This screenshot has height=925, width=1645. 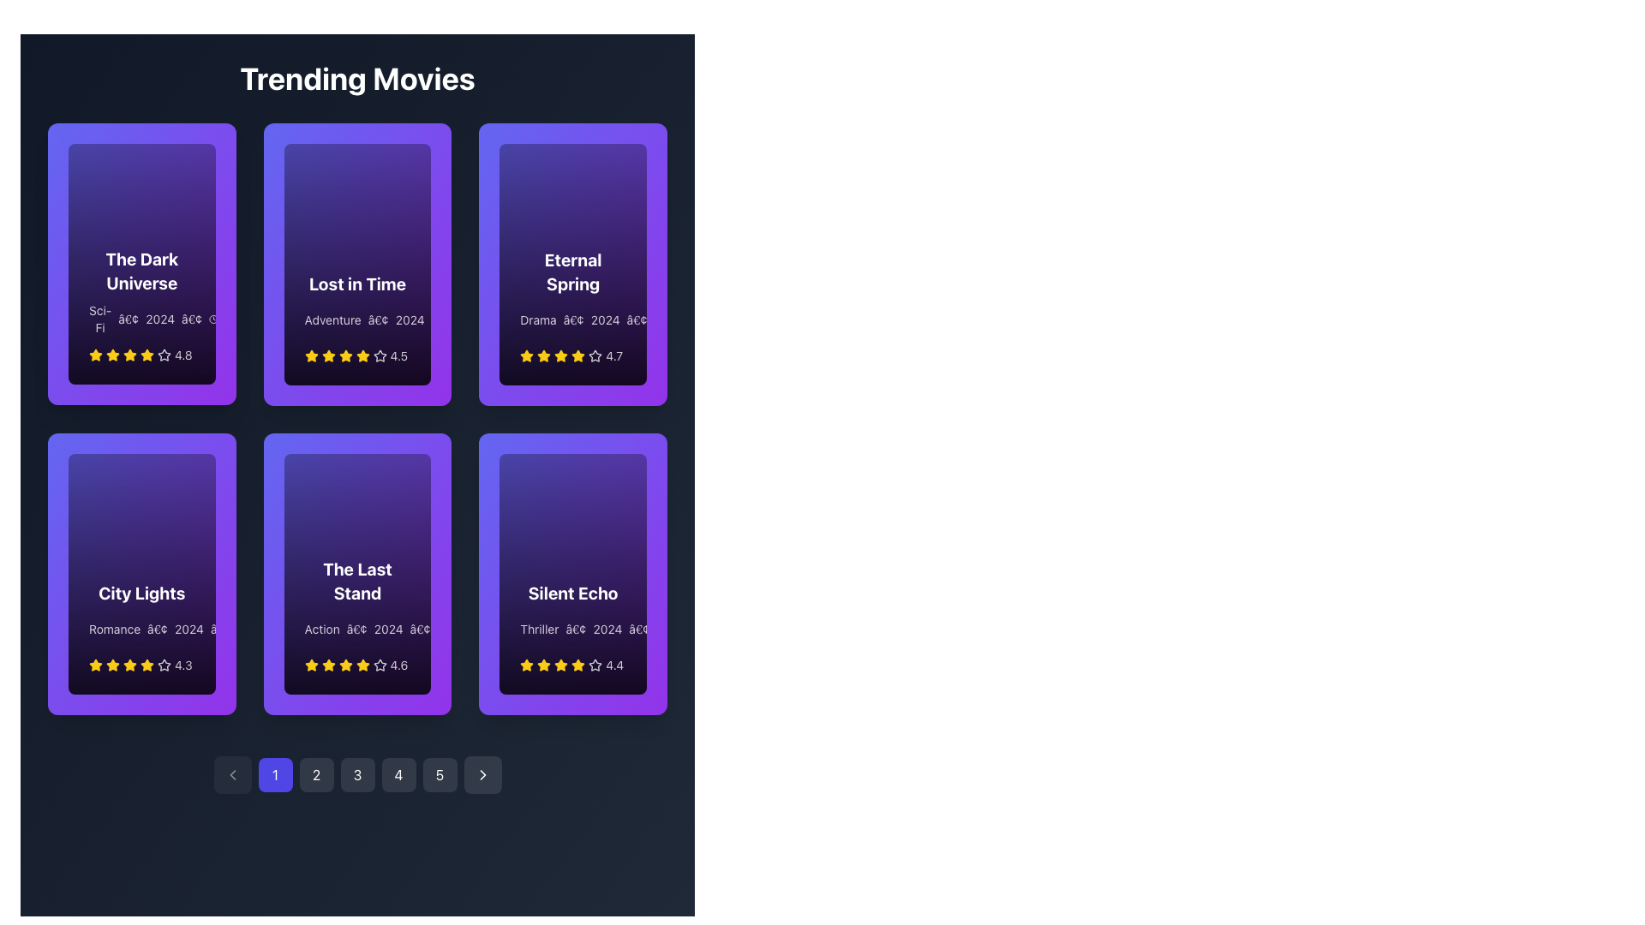 I want to click on the button labeled 'Lost in Time', so click(x=390, y=158).